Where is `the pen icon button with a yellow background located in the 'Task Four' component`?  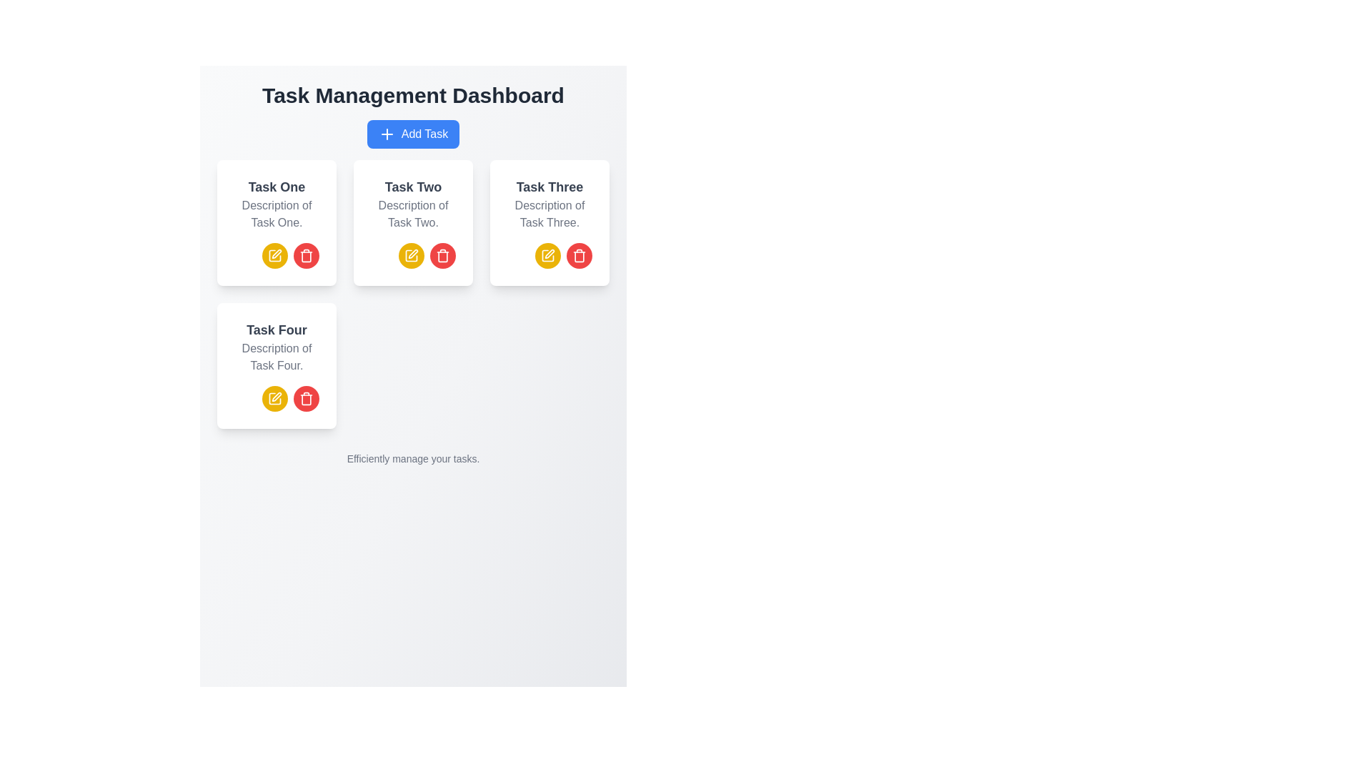
the pen icon button with a yellow background located in the 'Task Four' component is located at coordinates (274, 399).